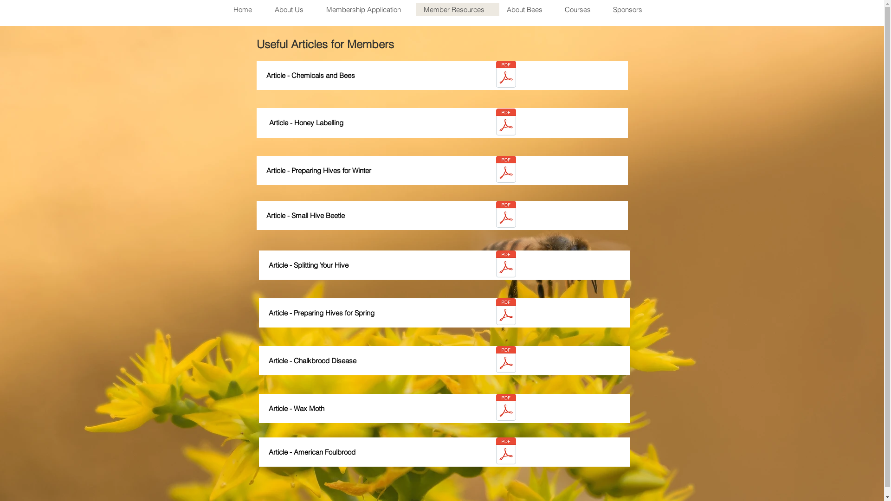 The width and height of the screenshot is (891, 501). Describe the element at coordinates (505, 407) in the screenshot. I see `'Article - wax-moth.pdf'` at that location.